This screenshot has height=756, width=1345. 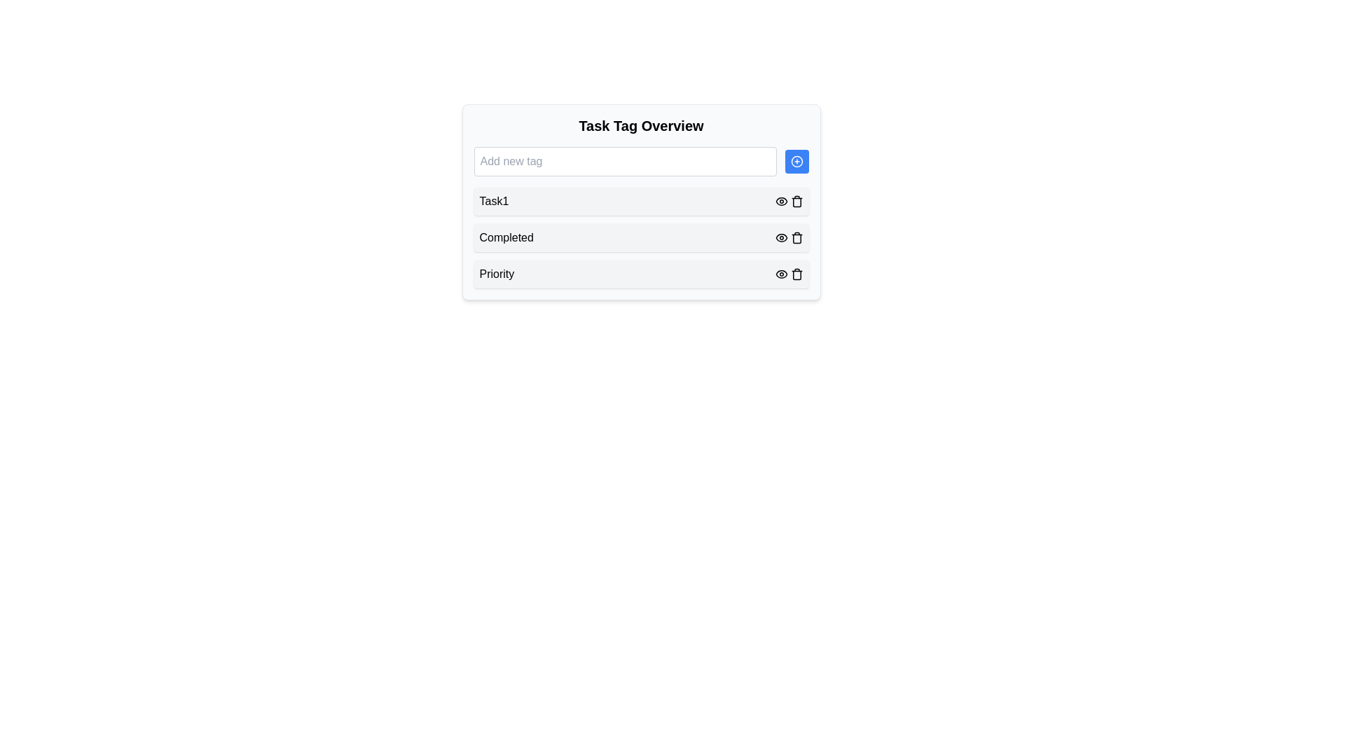 What do you see at coordinates (780, 274) in the screenshot?
I see `the eye icon representing visibility control located in the 'Task Tag Overview' card layout` at bounding box center [780, 274].